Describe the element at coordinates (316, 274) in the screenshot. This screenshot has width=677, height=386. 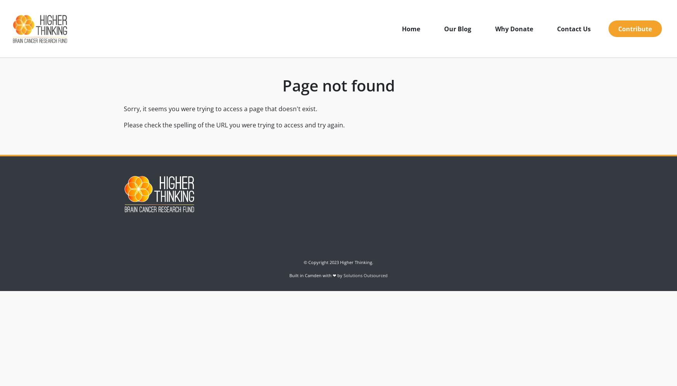
I see `'Built in Camden with ❤ by'` at that location.